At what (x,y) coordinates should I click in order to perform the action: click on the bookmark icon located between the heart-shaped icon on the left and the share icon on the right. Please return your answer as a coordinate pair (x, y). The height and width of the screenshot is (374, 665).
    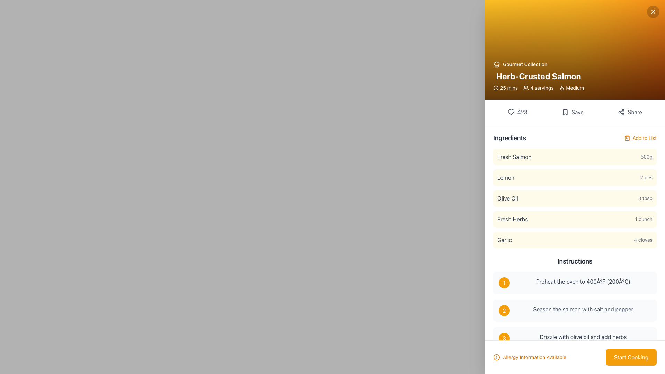
    Looking at the image, I should click on (565, 112).